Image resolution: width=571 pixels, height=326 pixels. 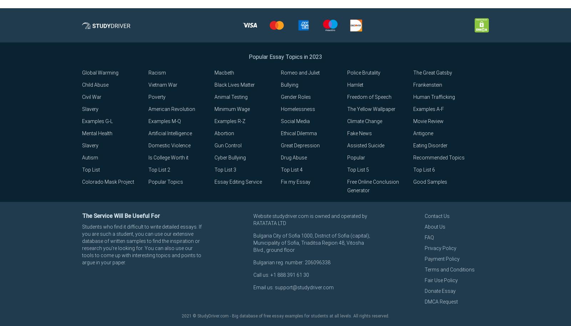 I want to click on 'Great Depression', so click(x=299, y=146).